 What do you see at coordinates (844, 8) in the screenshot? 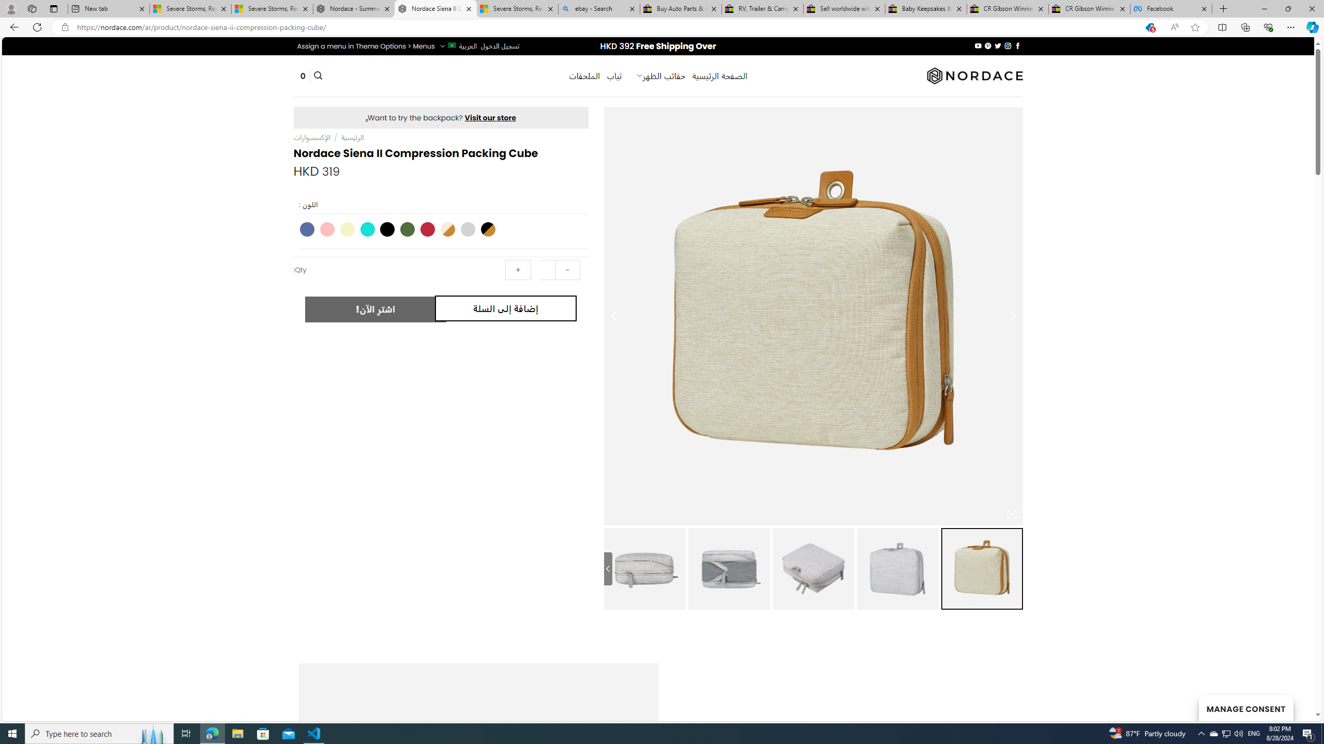
I see `'Sell worldwide with eBay'` at bounding box center [844, 8].